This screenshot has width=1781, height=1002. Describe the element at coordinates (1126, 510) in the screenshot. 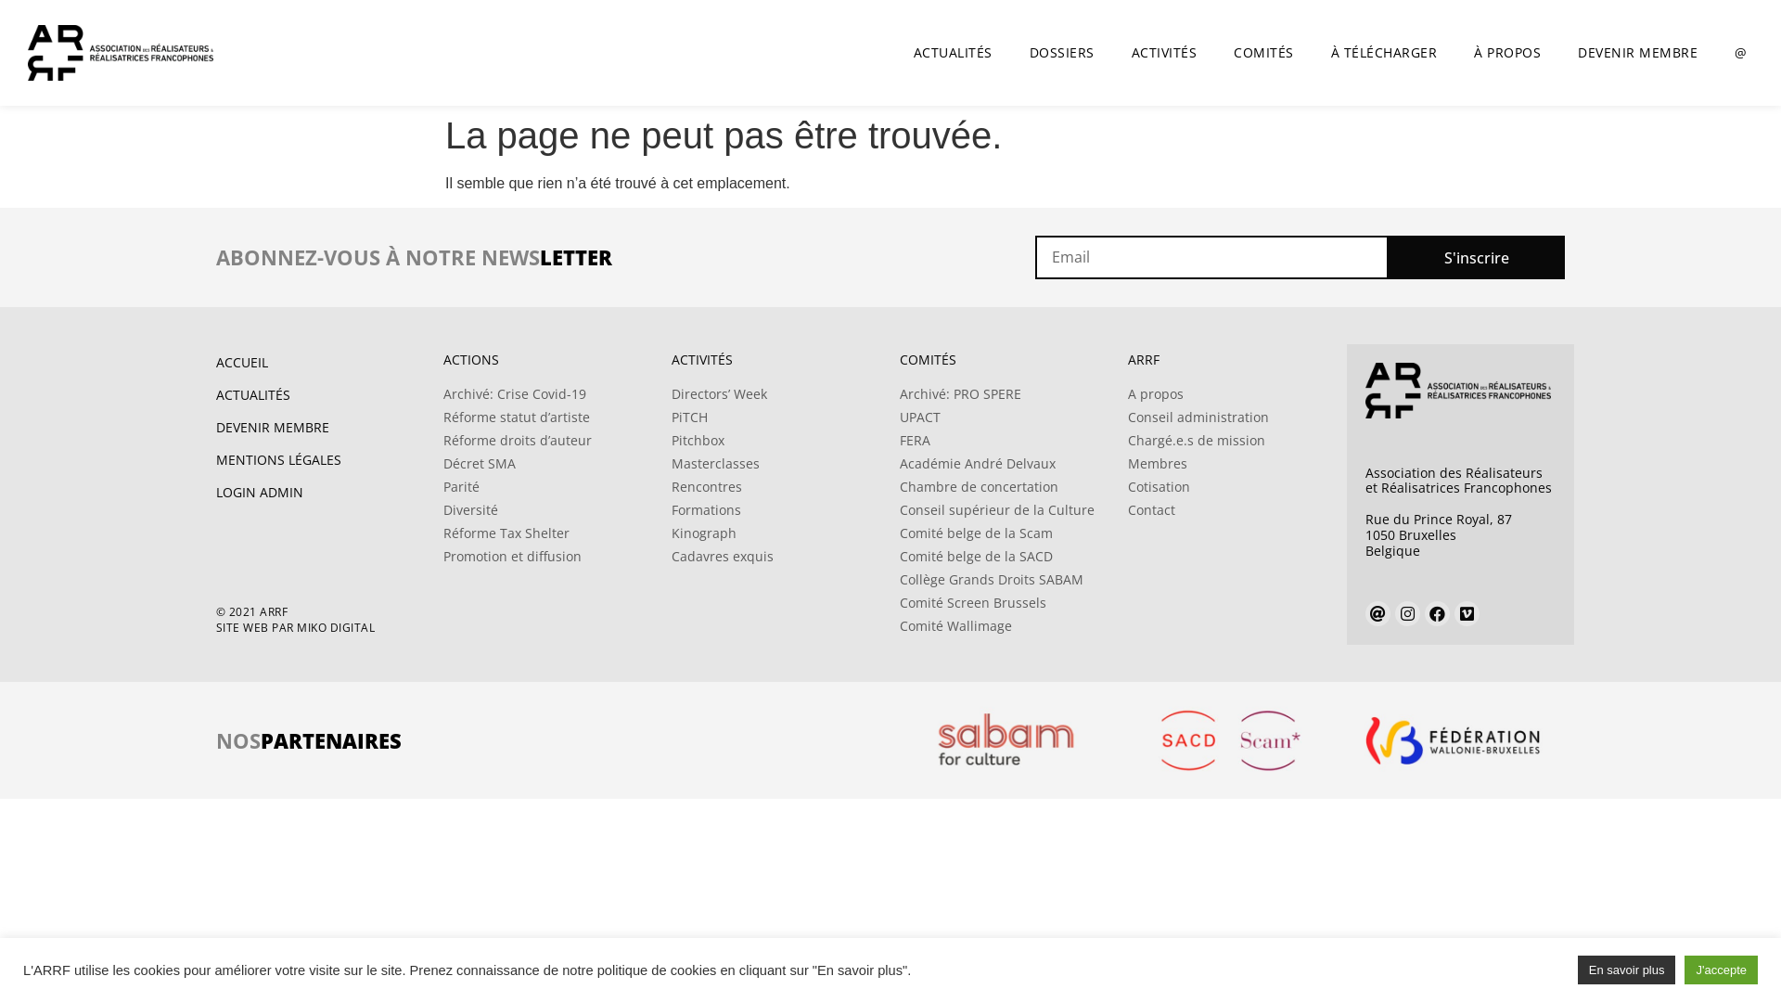

I see `'Contact'` at that location.